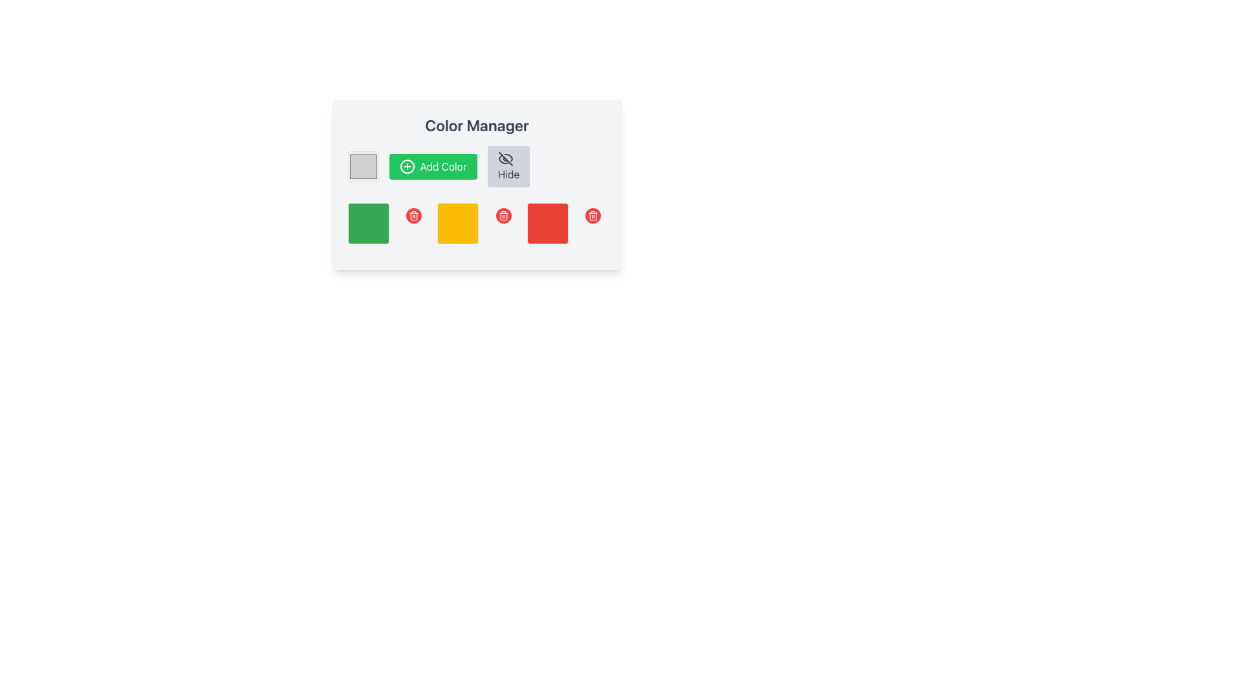  Describe the element at coordinates (414, 215) in the screenshot. I see `the trash can icon with a red circular background, which is the second icon from the left among three similar icons located below the color blocks, to initiate the delete action` at that location.